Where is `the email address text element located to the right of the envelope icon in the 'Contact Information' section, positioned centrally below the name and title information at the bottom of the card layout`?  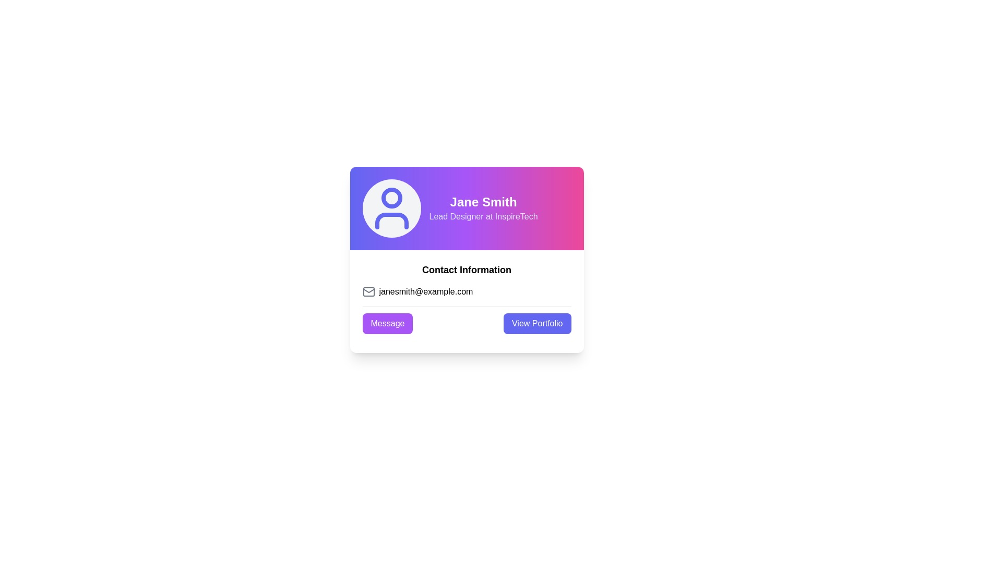
the email address text element located to the right of the envelope icon in the 'Contact Information' section, positioned centrally below the name and title information at the bottom of the card layout is located at coordinates (426, 291).